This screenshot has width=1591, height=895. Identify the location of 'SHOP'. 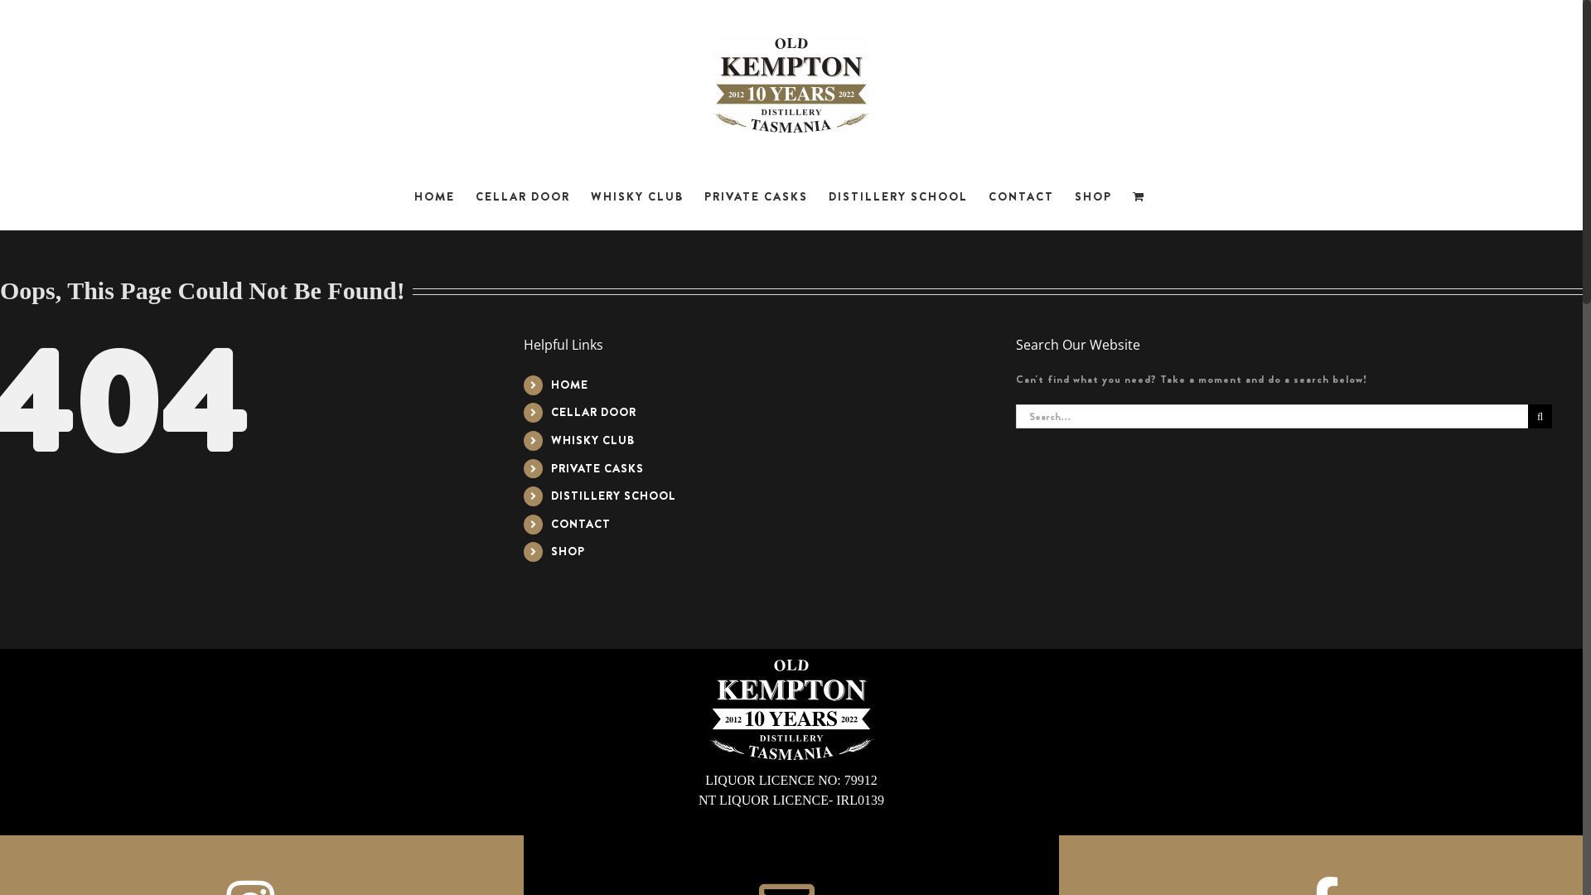
(551, 550).